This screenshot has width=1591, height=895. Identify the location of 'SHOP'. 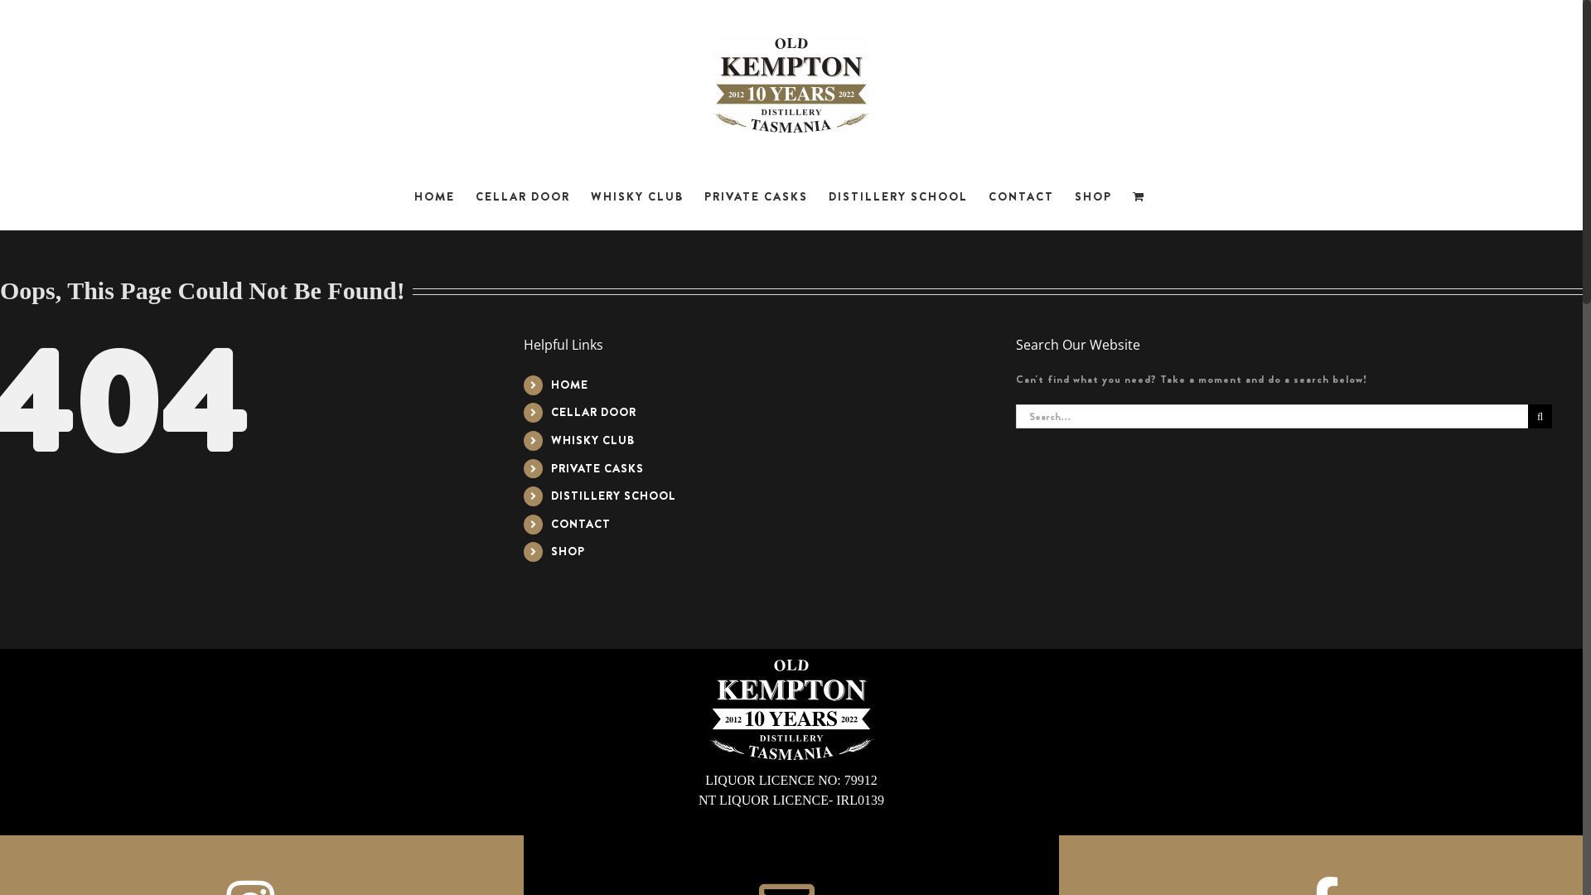
(551, 550).